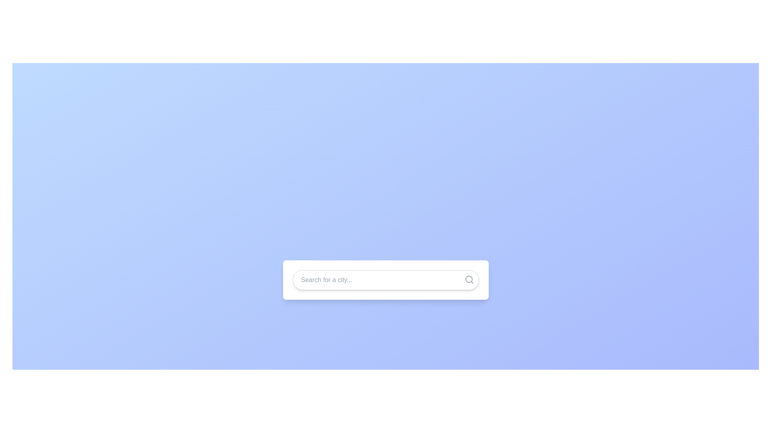 The image size is (771, 434). Describe the element at coordinates (469, 278) in the screenshot. I see `the SVG circle element that symbolizes the magnifying glass, which is part of the visual indicator for the search function` at that location.